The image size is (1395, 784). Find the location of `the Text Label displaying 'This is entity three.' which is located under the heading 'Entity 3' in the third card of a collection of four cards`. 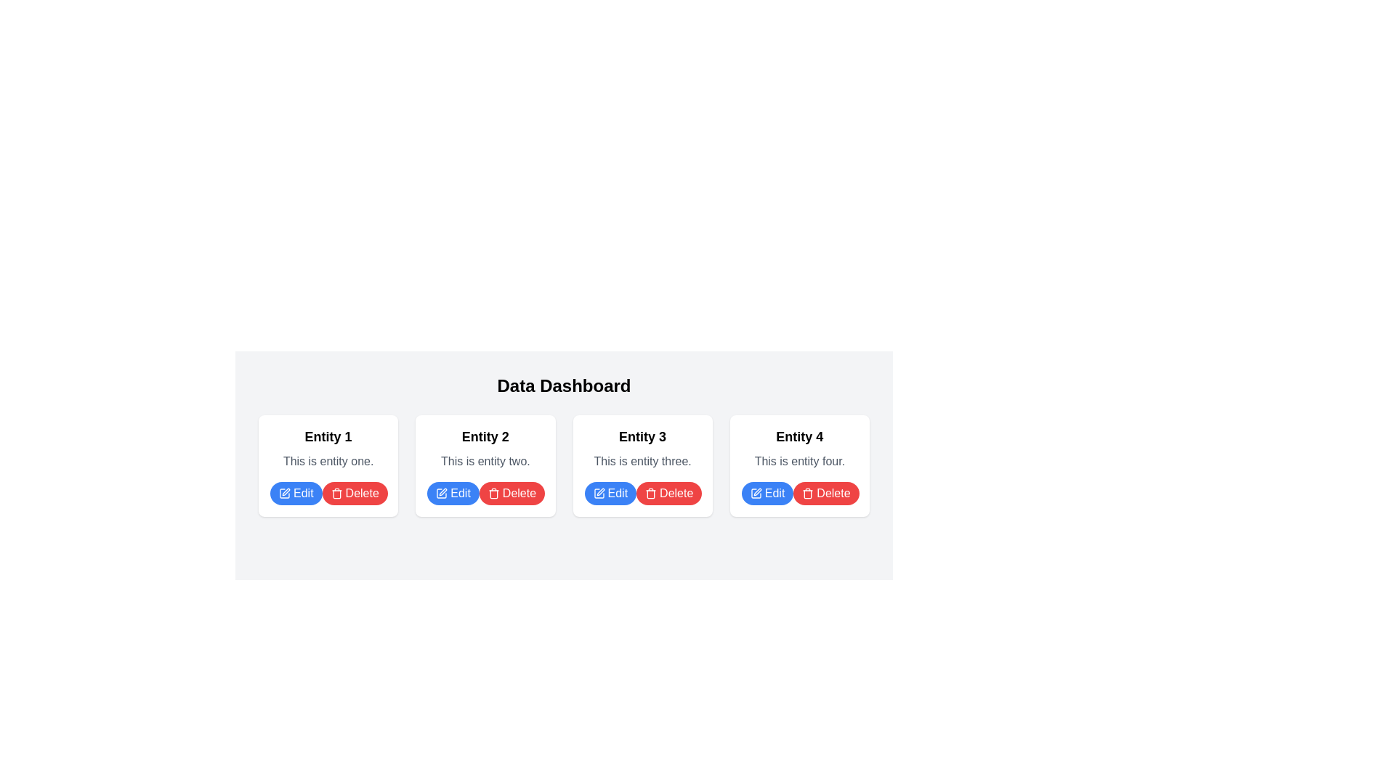

the Text Label displaying 'This is entity three.' which is located under the heading 'Entity 3' in the third card of a collection of four cards is located at coordinates (642, 462).